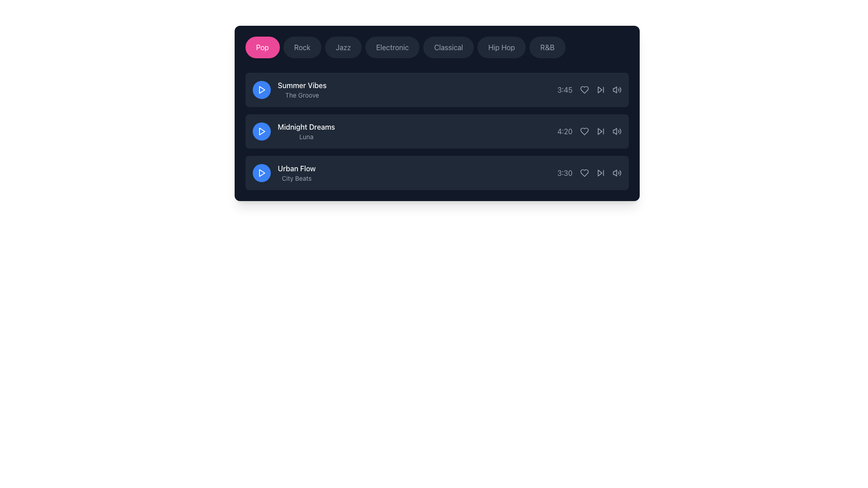  I want to click on the play button located to the far left of the text 'Summer Vibes', so click(261, 90).